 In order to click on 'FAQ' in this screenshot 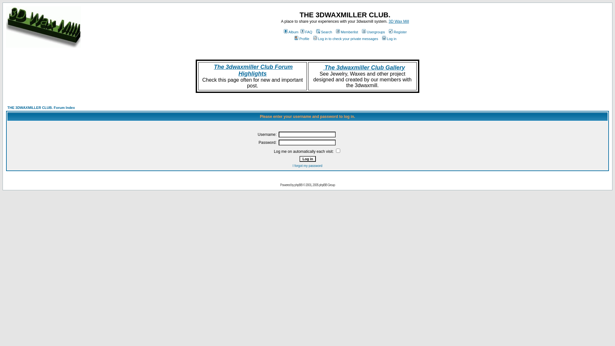, I will do `click(306, 32)`.